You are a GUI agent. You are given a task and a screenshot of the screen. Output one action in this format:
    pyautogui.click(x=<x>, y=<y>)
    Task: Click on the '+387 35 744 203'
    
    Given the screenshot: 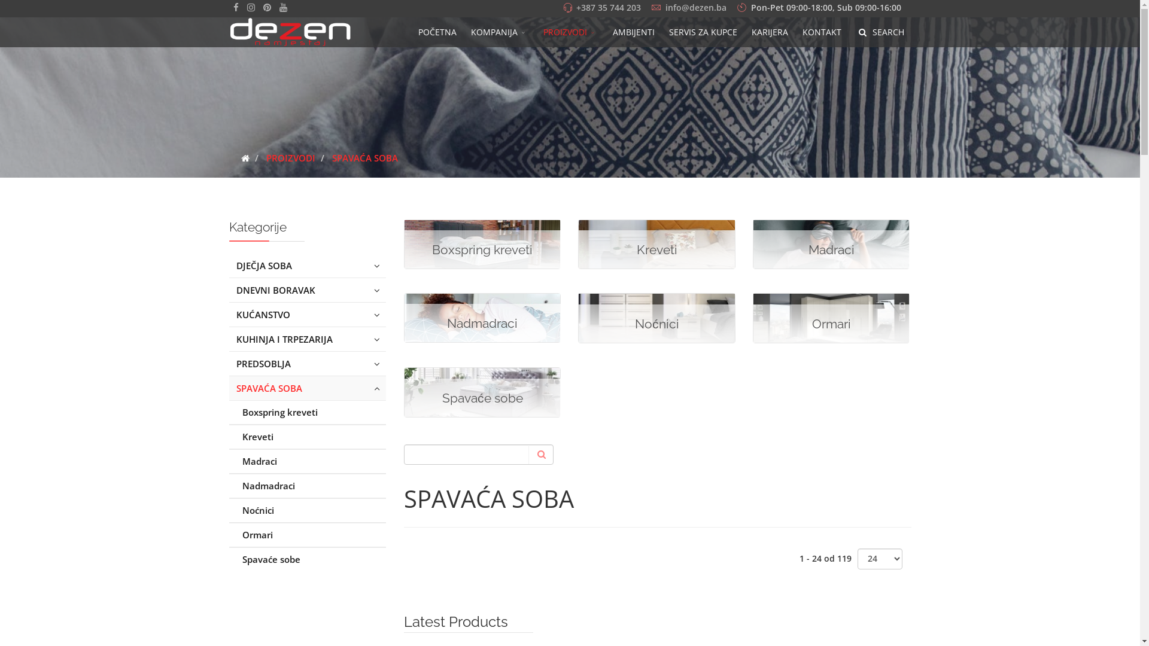 What is the action you would take?
    pyautogui.click(x=608, y=7)
    